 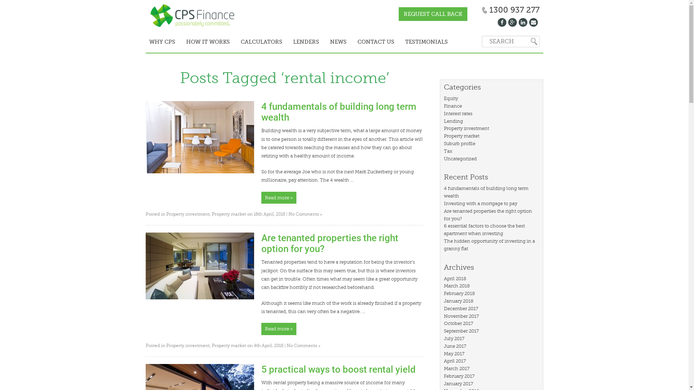 What do you see at coordinates (461, 316) in the screenshot?
I see `'November 2017'` at bounding box center [461, 316].